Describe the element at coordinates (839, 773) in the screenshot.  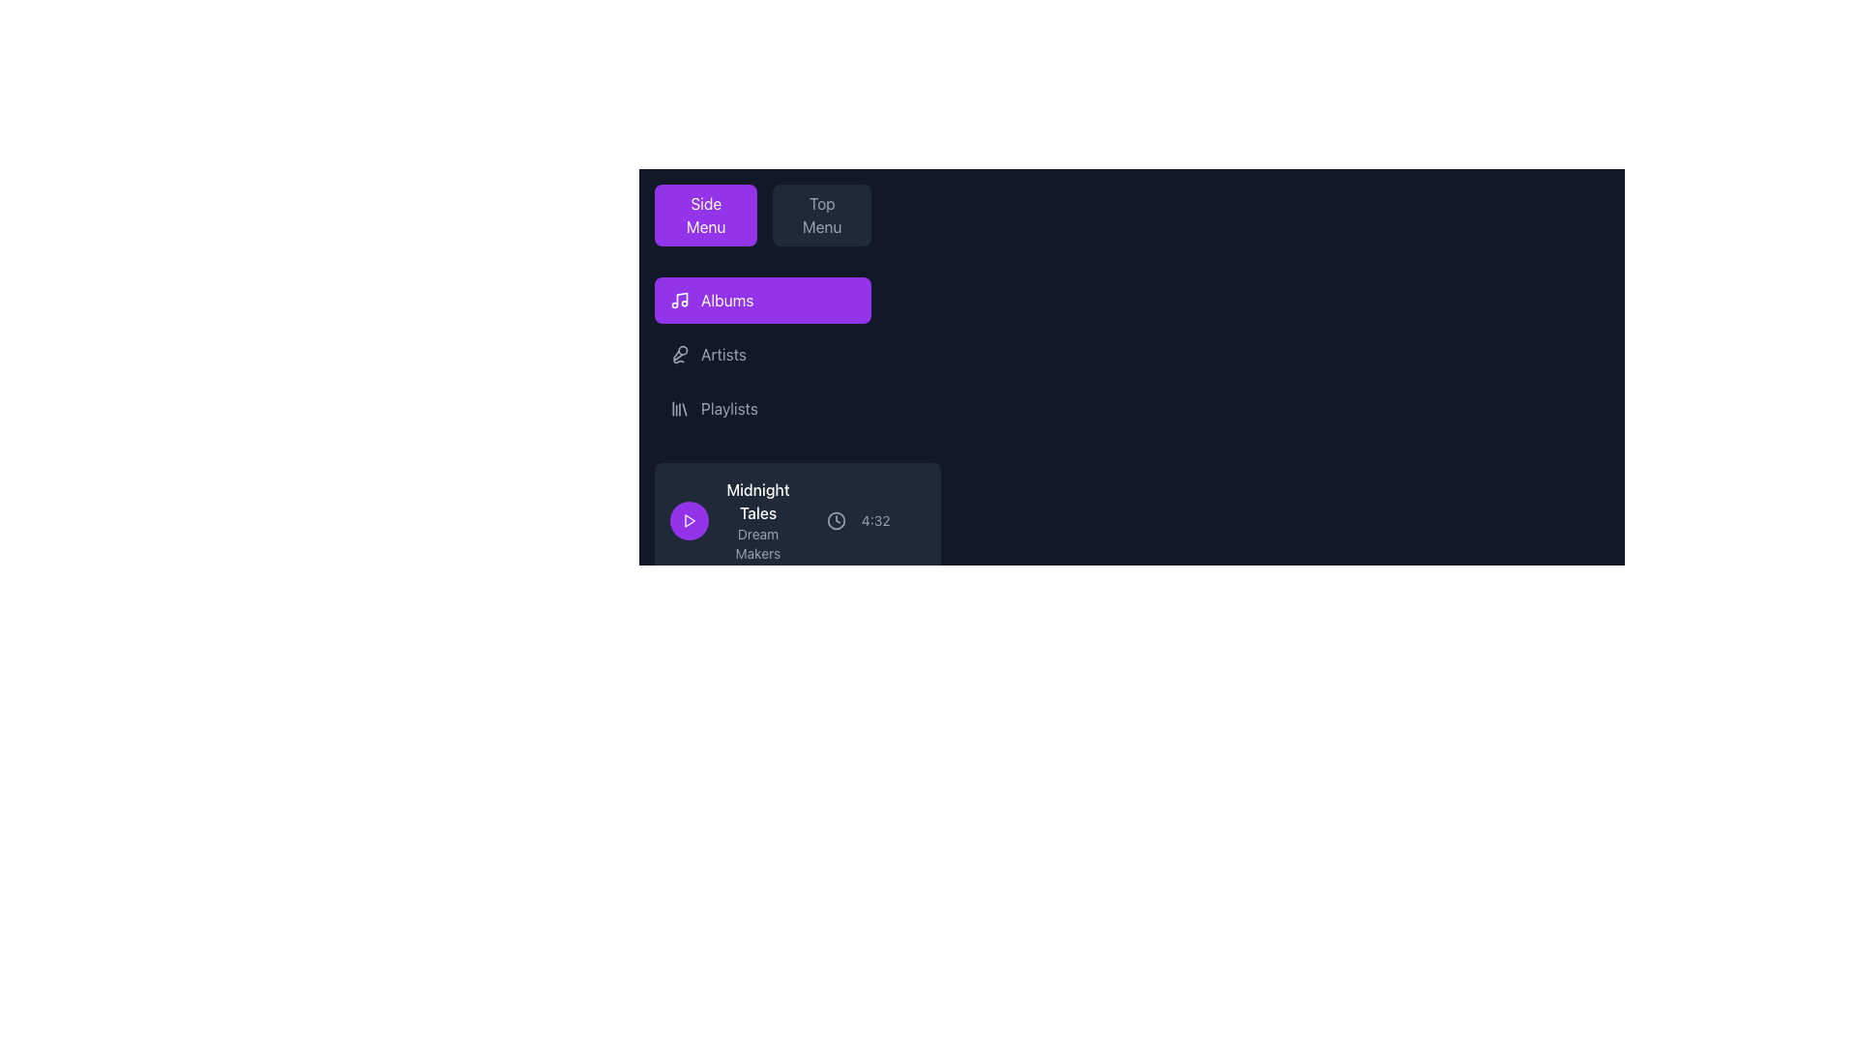
I see `the details of the circular clock icon with a gray outline and minimalist design, located to the right of the heart icon and before the timestamp '5:18'` at that location.